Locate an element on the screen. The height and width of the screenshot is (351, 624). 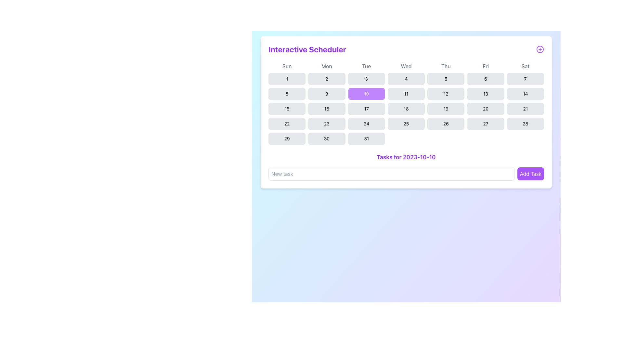
the Text Label for Saturdays in the calendar header, which is the rightmost element indicating Saturday's events is located at coordinates (525, 66).